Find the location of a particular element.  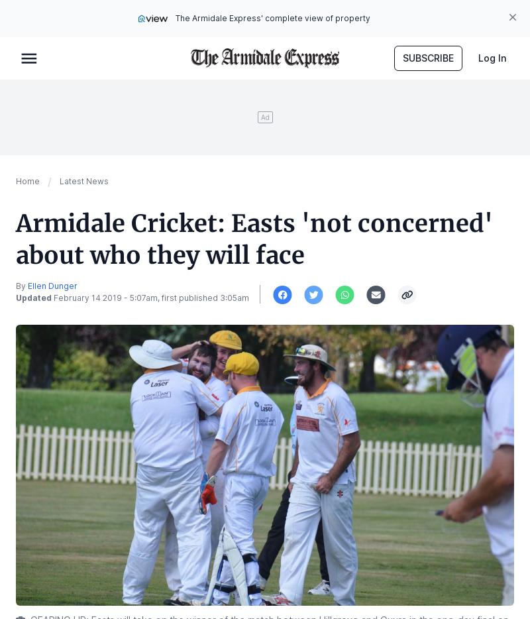

'Log In' is located at coordinates (492, 58).